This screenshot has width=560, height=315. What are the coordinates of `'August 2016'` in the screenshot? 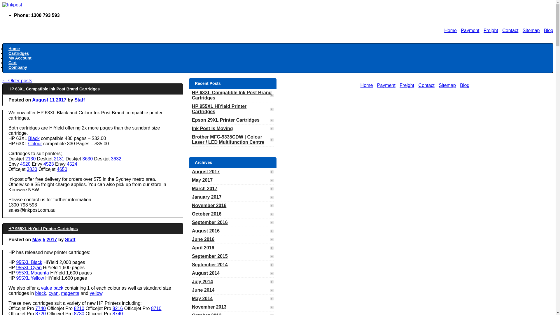 It's located at (209, 230).